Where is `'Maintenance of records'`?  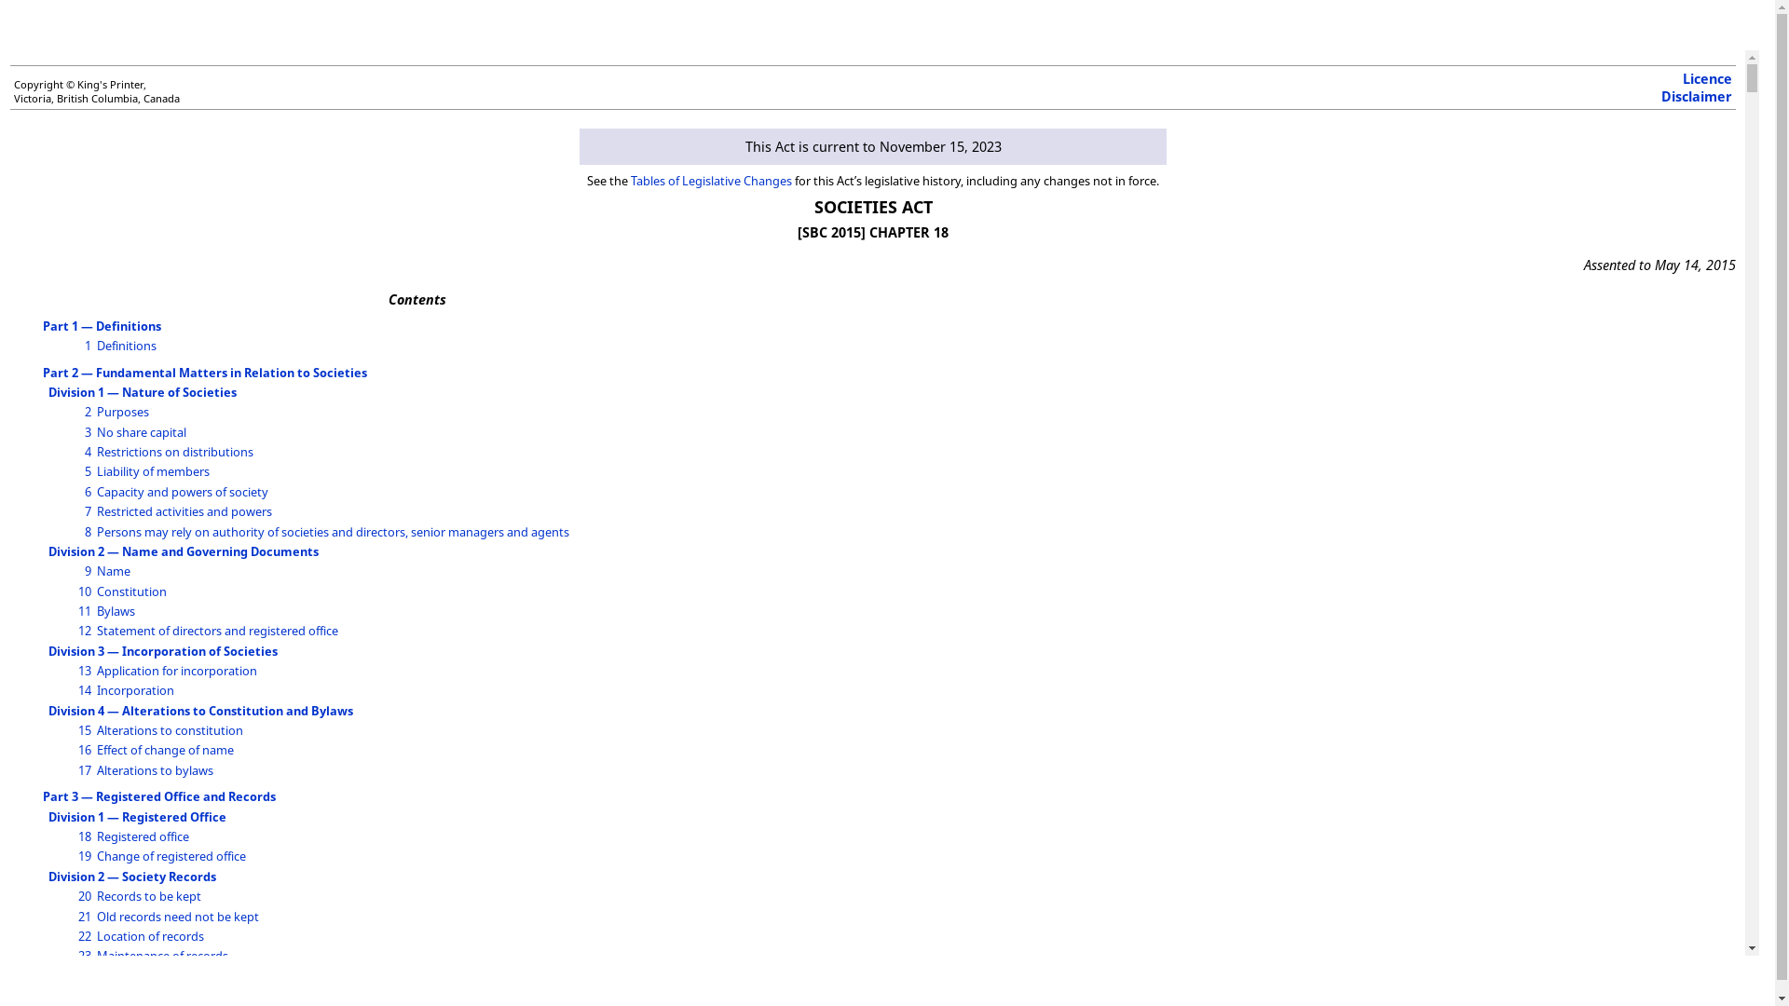 'Maintenance of records' is located at coordinates (162, 956).